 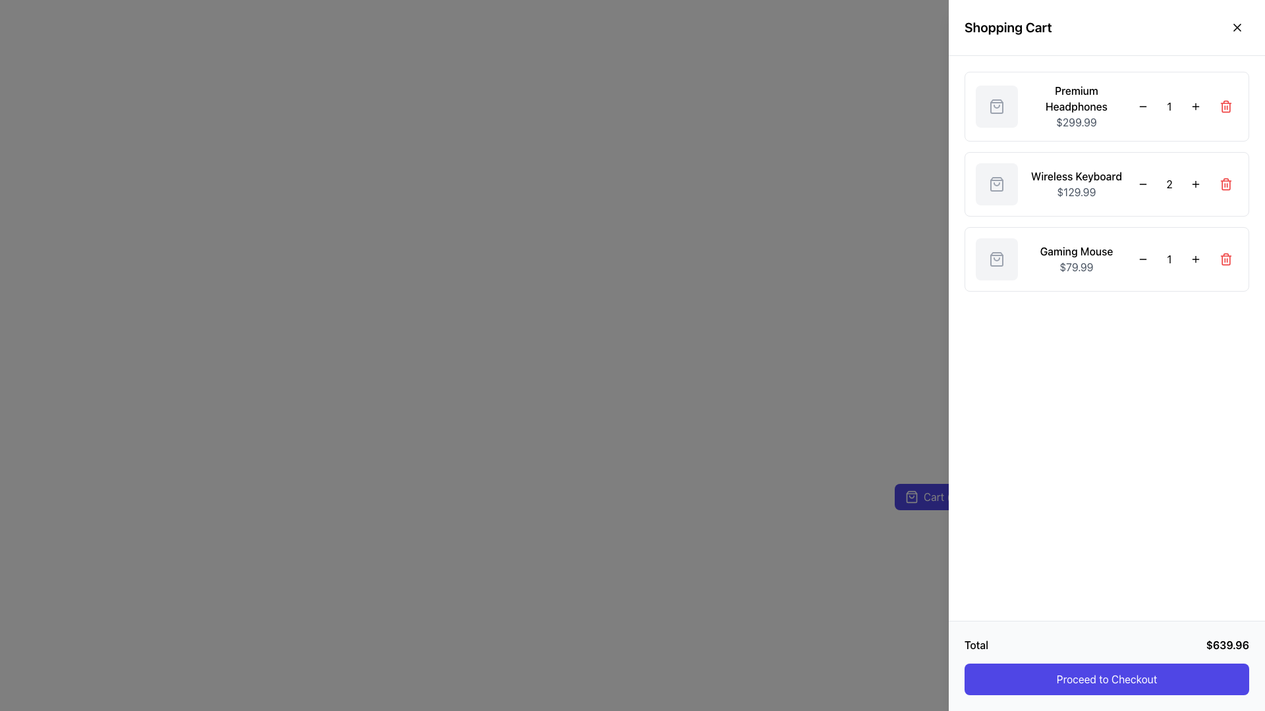 What do you see at coordinates (1076, 122) in the screenshot?
I see `the price text label located beneath the 'Premium Headphones' in the shopping cart for accessibility purposes` at bounding box center [1076, 122].